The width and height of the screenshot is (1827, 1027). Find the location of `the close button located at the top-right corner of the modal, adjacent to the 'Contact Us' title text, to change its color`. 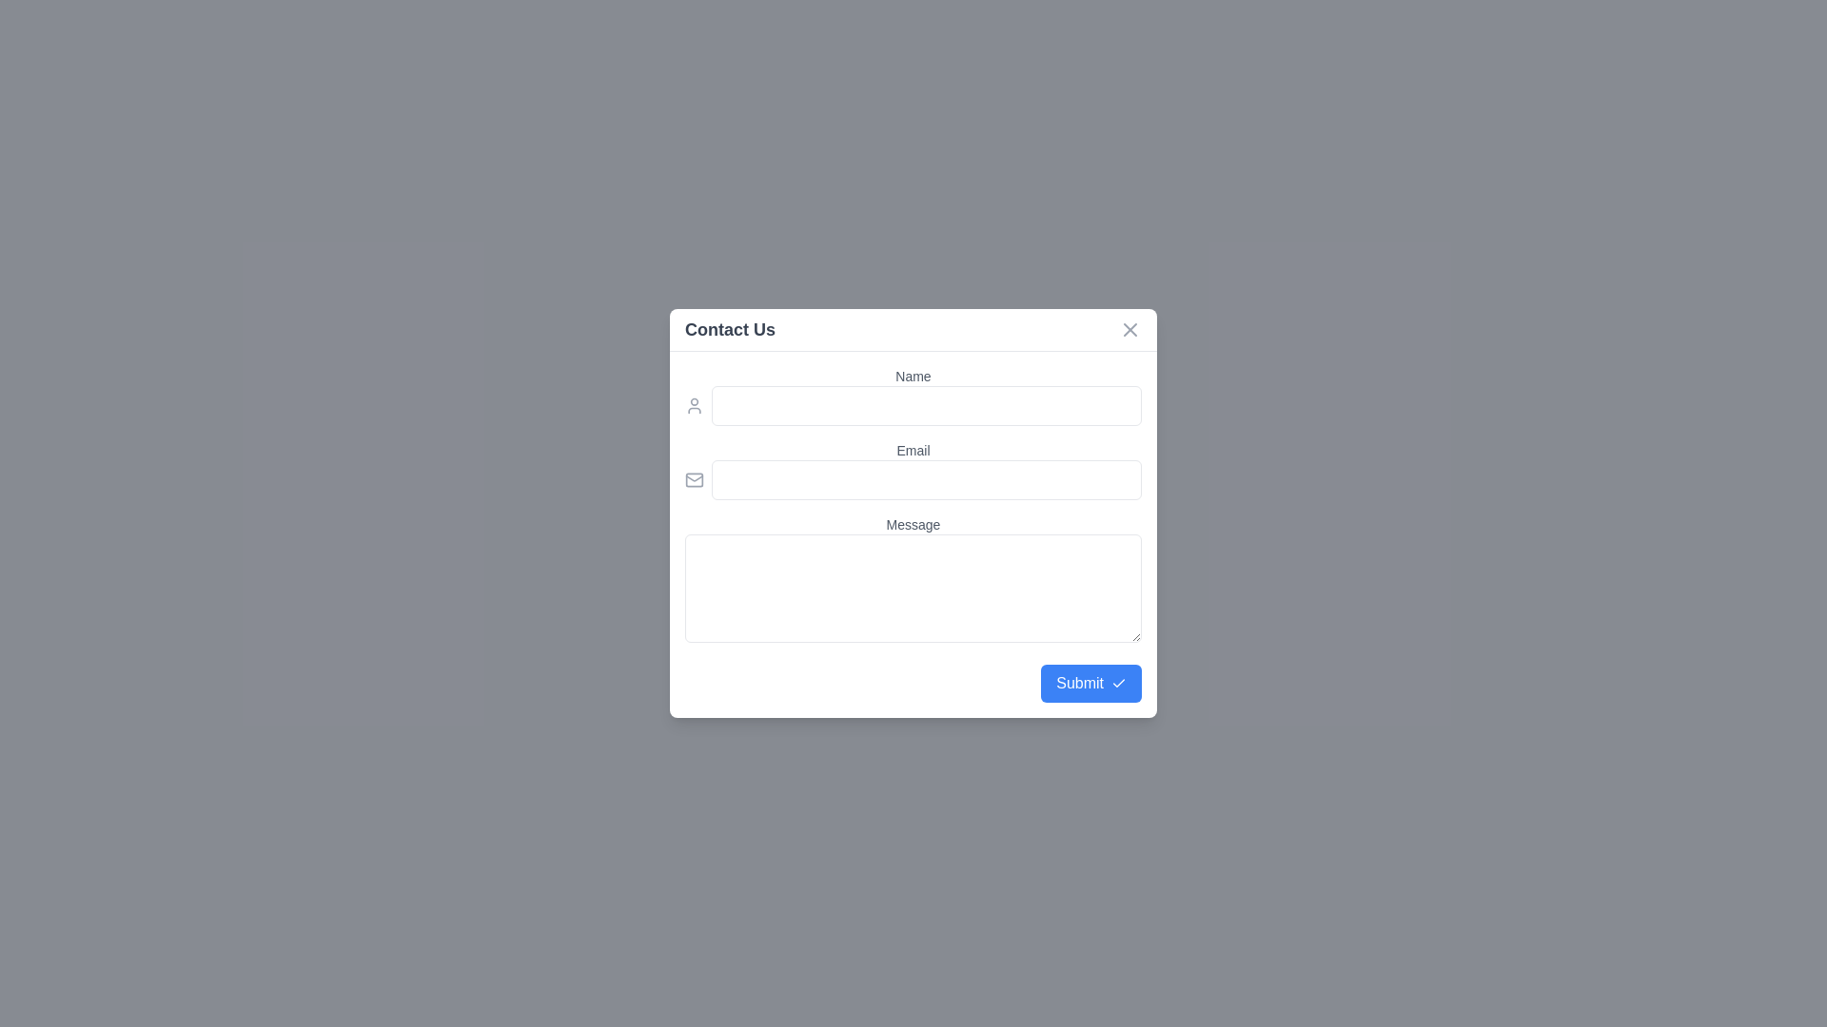

the close button located at the top-right corner of the modal, adjacent to the 'Contact Us' title text, to change its color is located at coordinates (1130, 329).